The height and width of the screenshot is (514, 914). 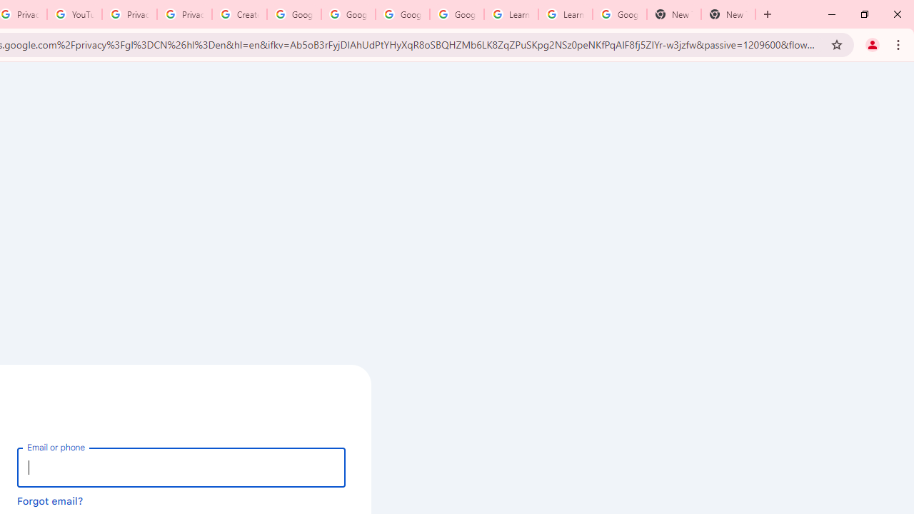 I want to click on 'New Tab', so click(x=673, y=14).